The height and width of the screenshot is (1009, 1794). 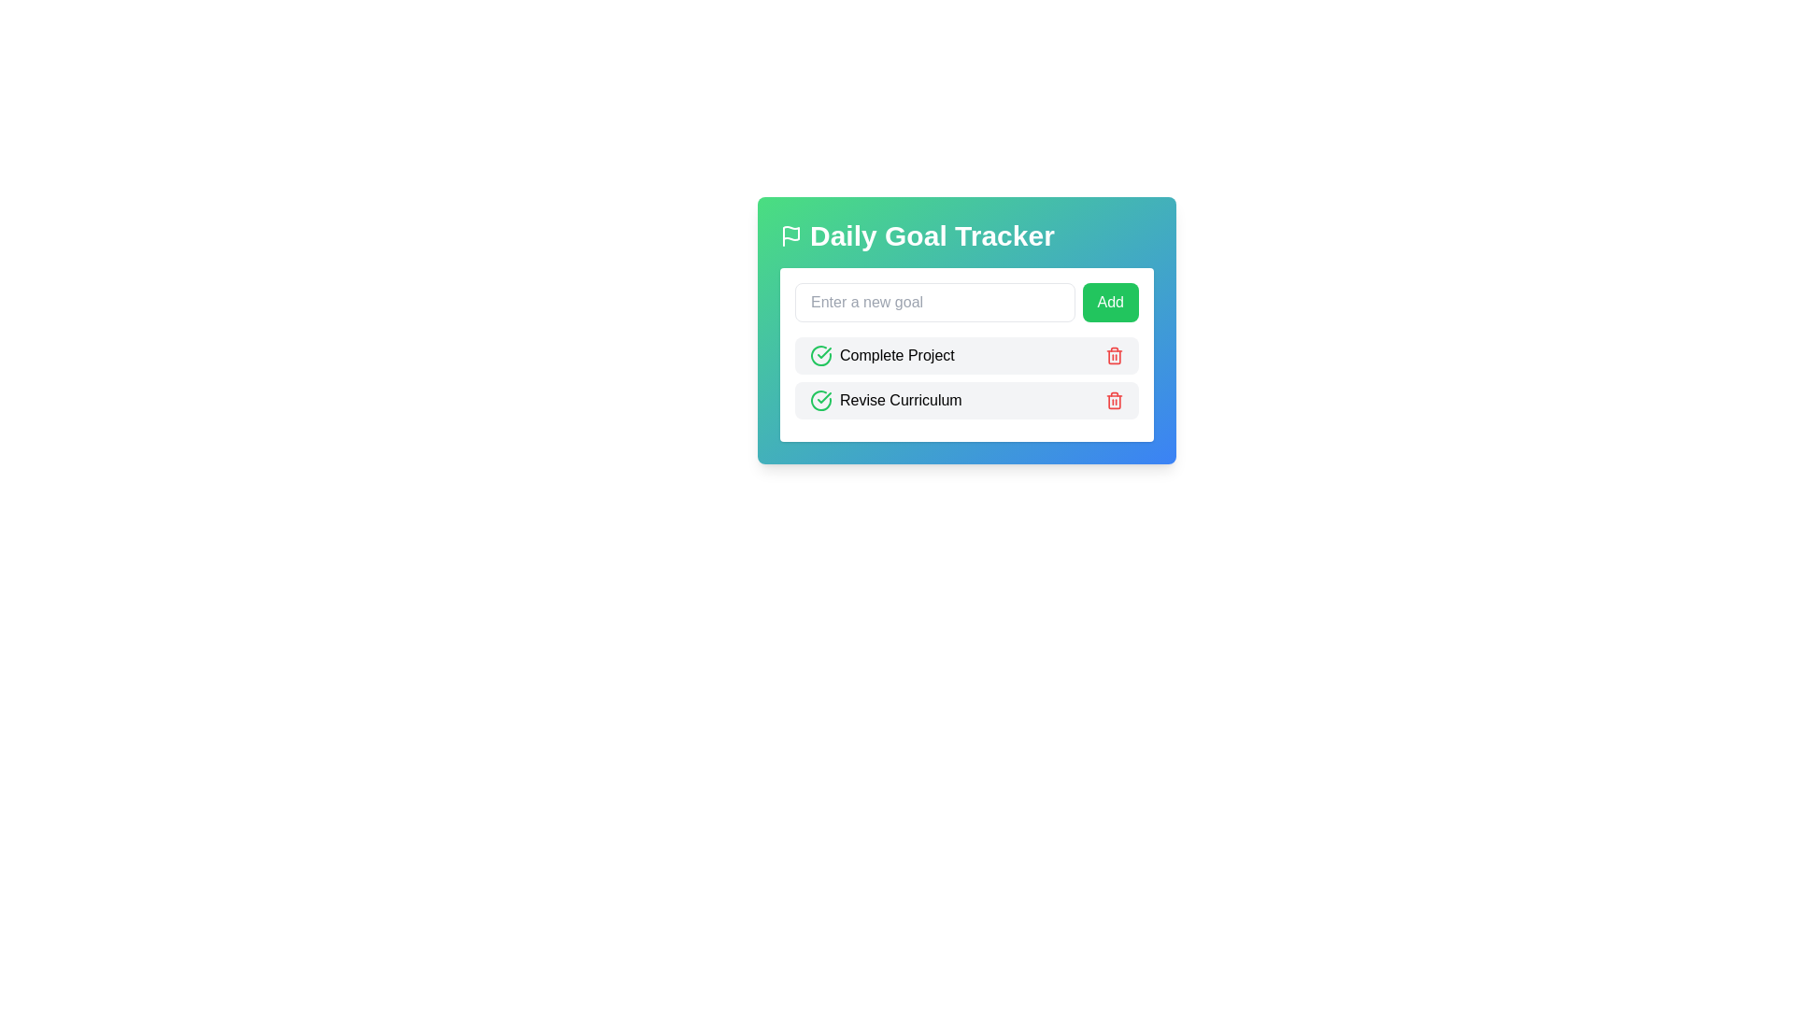 What do you see at coordinates (790, 233) in the screenshot?
I see `the flag icon located at the top-left corner of the 'Daily Goal Tracker' card, which is positioned to the left of the text 'Daily Goal Tracker'` at bounding box center [790, 233].